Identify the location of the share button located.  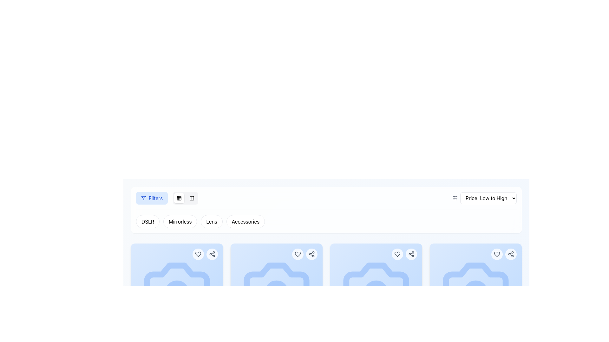
(511, 254).